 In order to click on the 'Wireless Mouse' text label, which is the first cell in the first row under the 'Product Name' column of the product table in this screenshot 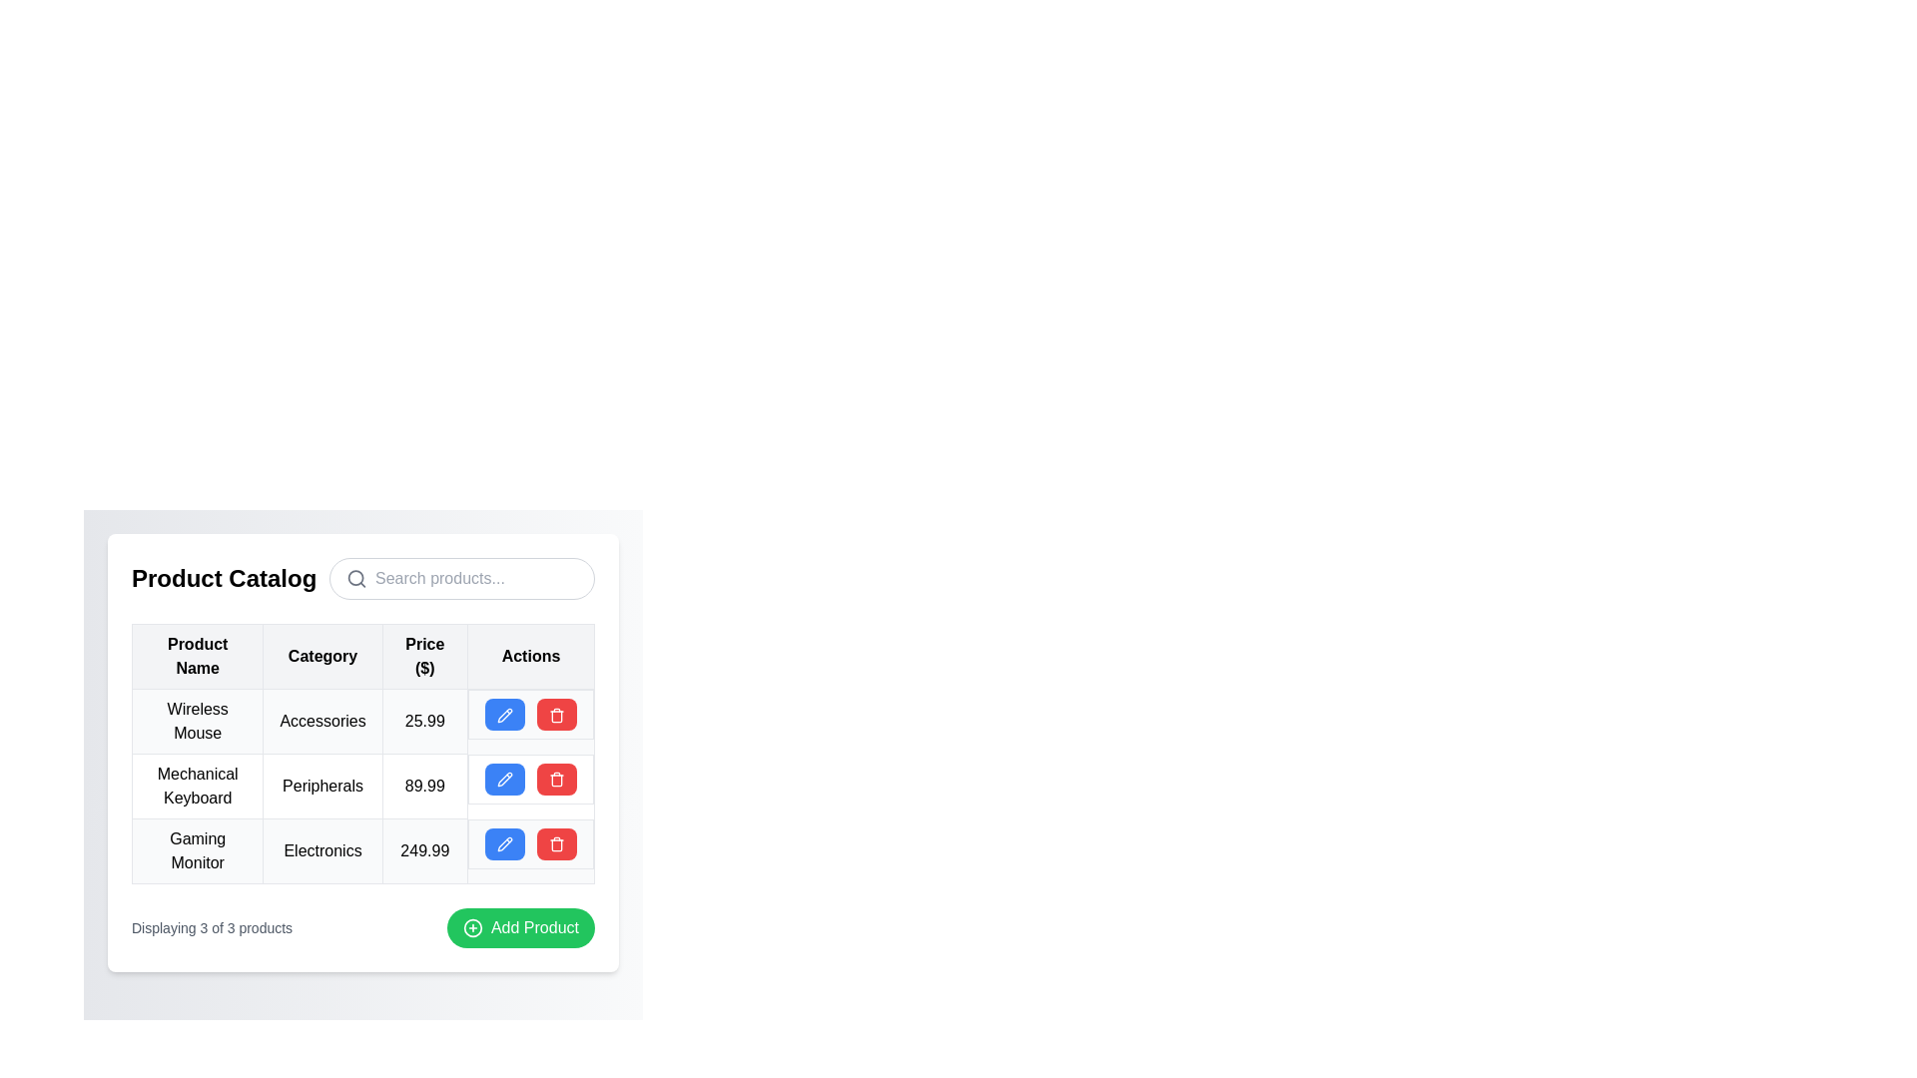, I will do `click(198, 721)`.